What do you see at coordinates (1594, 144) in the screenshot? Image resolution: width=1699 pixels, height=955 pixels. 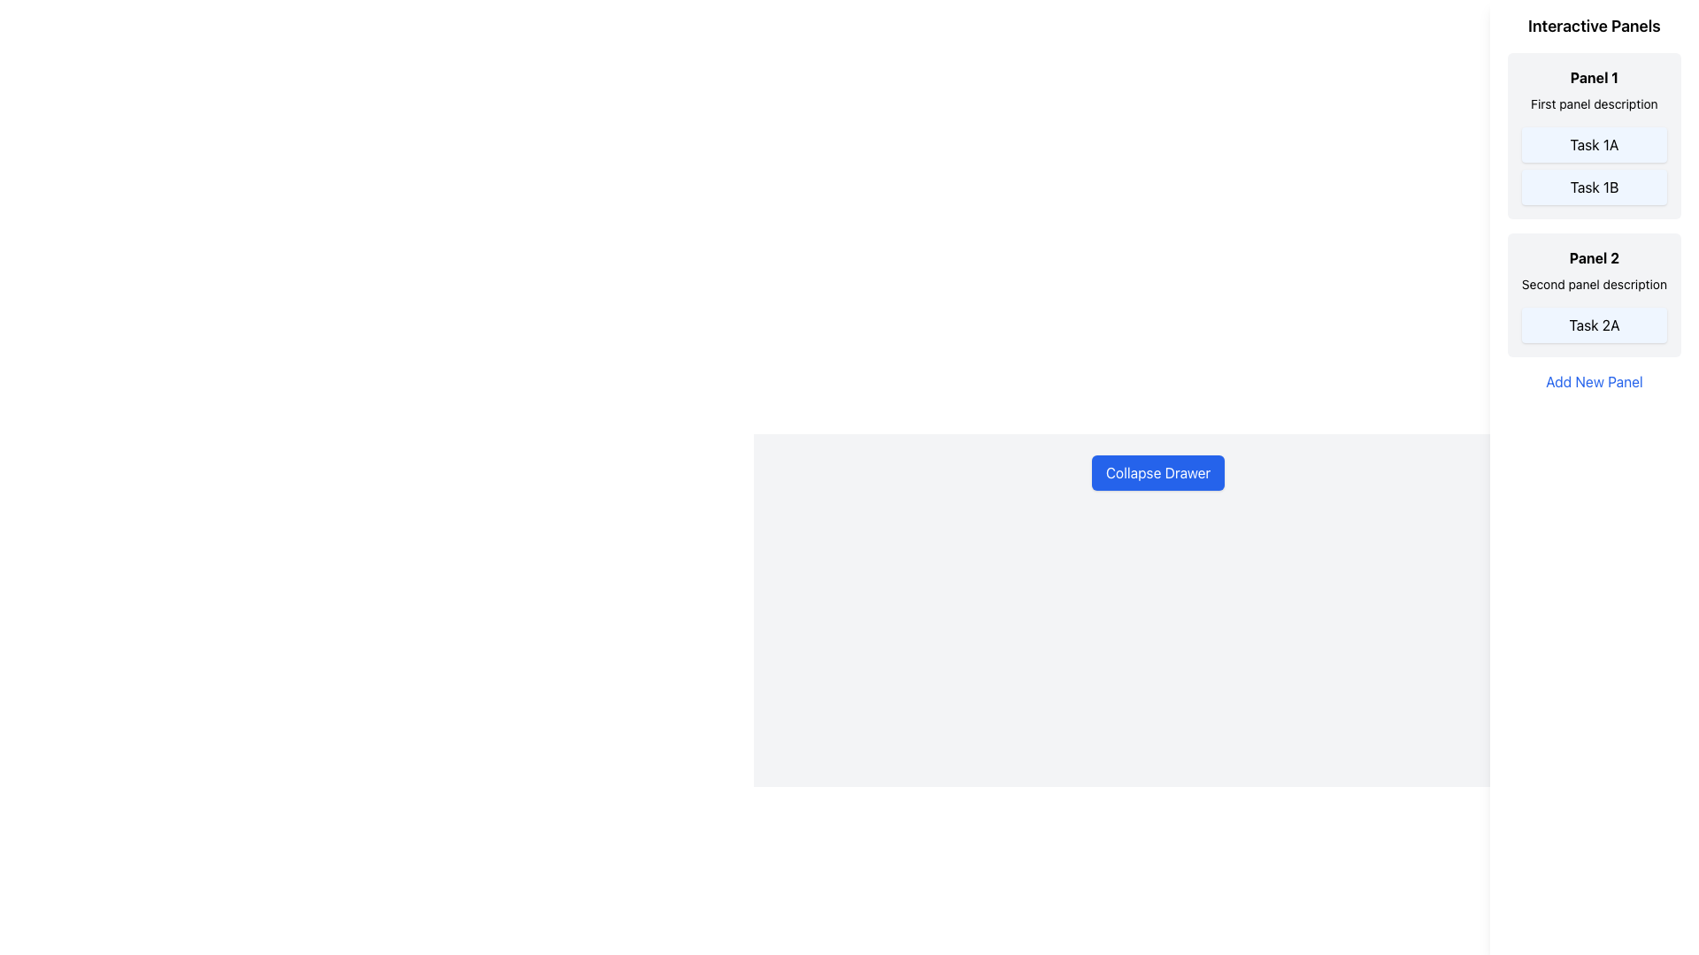 I see `the button labeled 'Task 1A' located in Panel 1 under 'First panel description'` at bounding box center [1594, 144].